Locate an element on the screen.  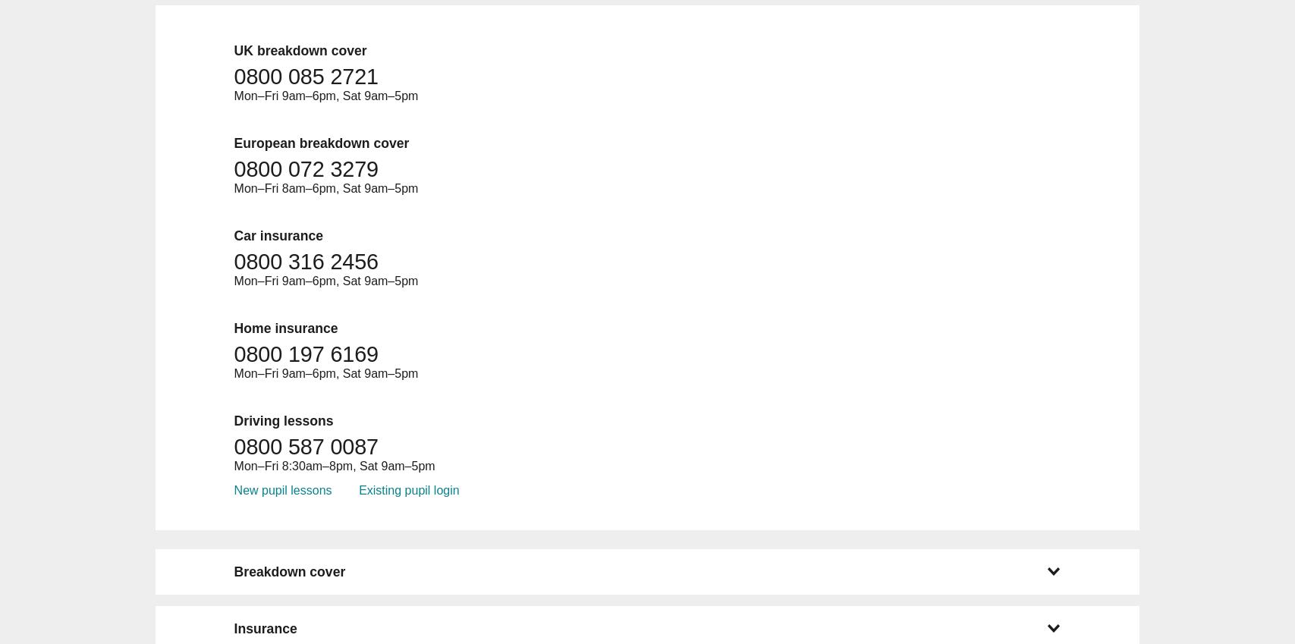
'European breakdown cover' is located at coordinates (321, 142).